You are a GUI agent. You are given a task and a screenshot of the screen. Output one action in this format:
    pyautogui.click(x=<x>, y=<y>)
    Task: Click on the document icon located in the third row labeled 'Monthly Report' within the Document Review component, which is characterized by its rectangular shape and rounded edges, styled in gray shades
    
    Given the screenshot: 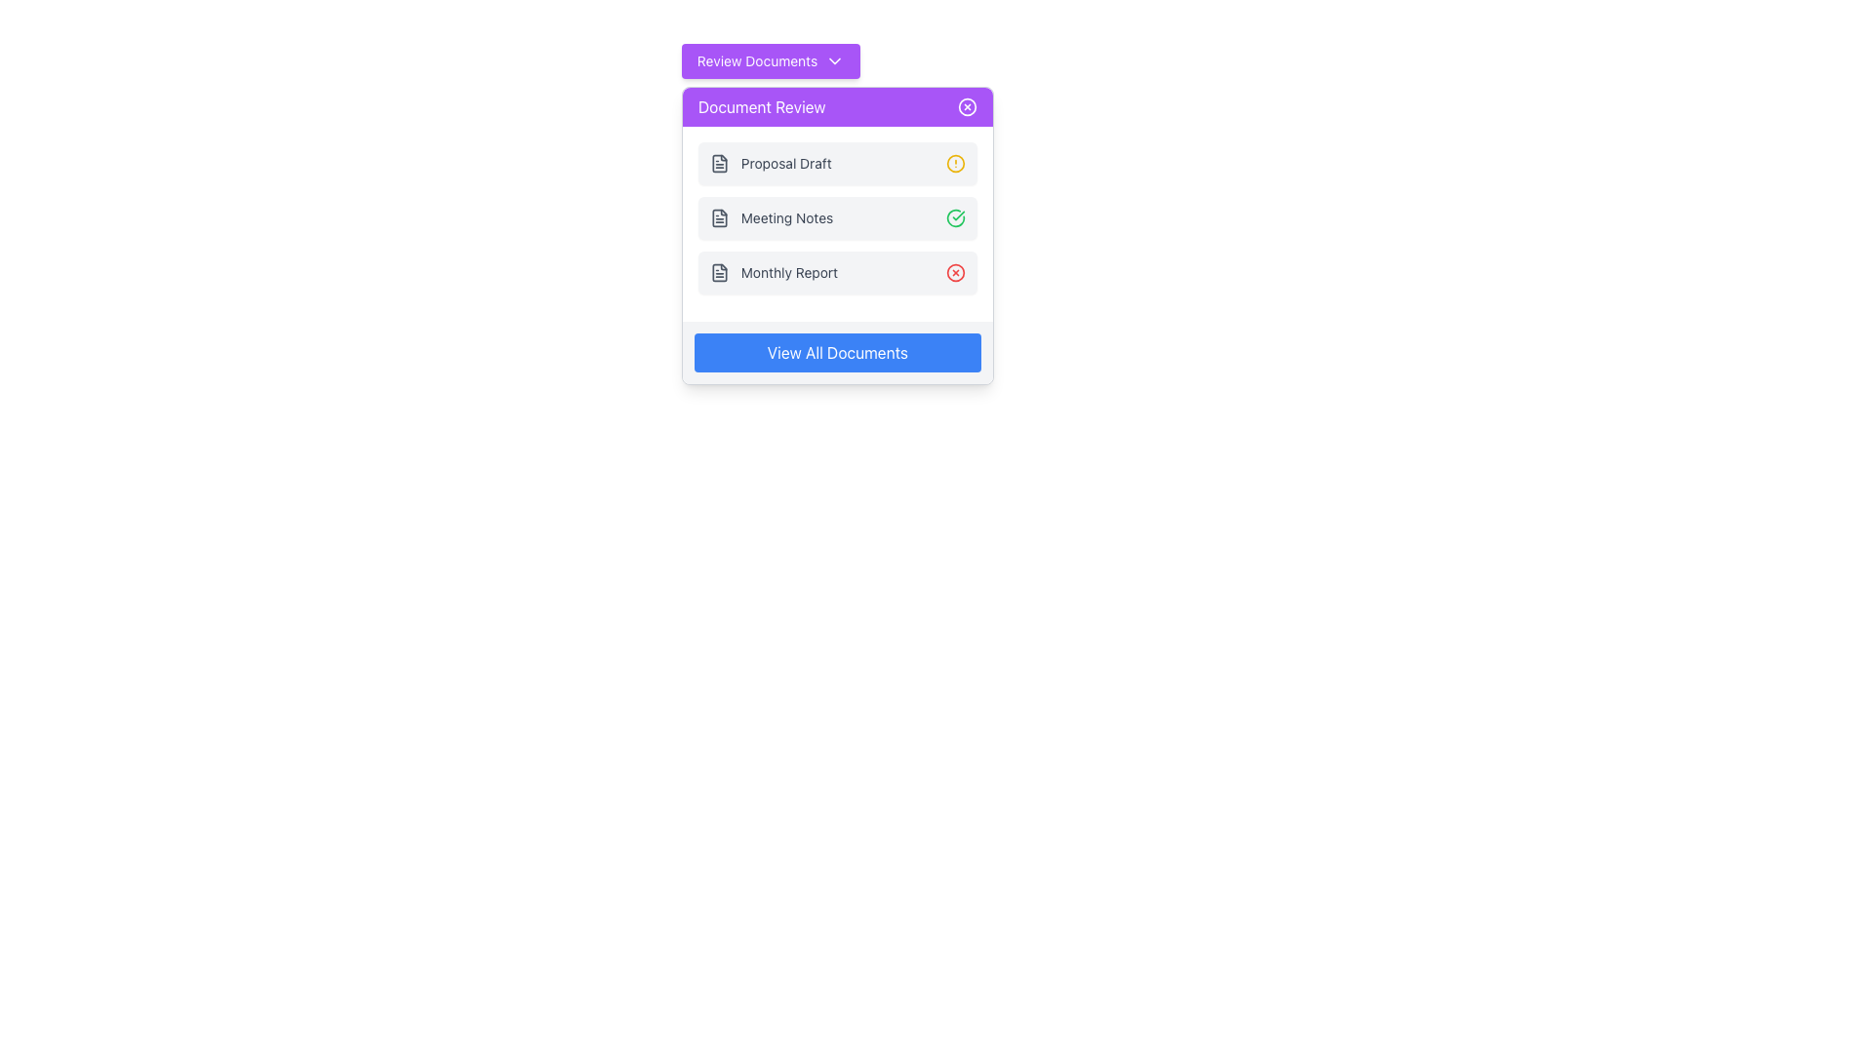 What is the action you would take?
    pyautogui.click(x=718, y=273)
    